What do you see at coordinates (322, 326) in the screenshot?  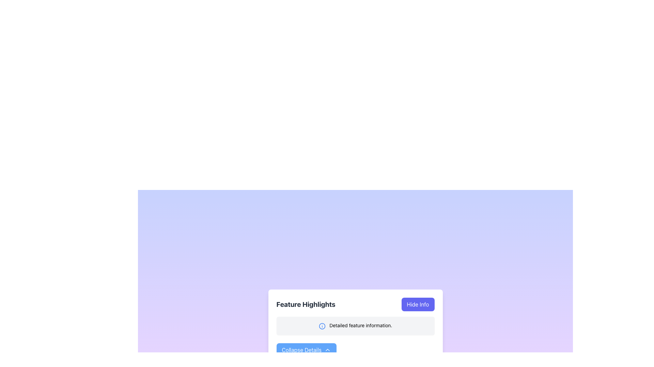 I see `the information icon located in the 'Feature Highlights' section, which precedes the text 'Detailed feature information.'` at bounding box center [322, 326].